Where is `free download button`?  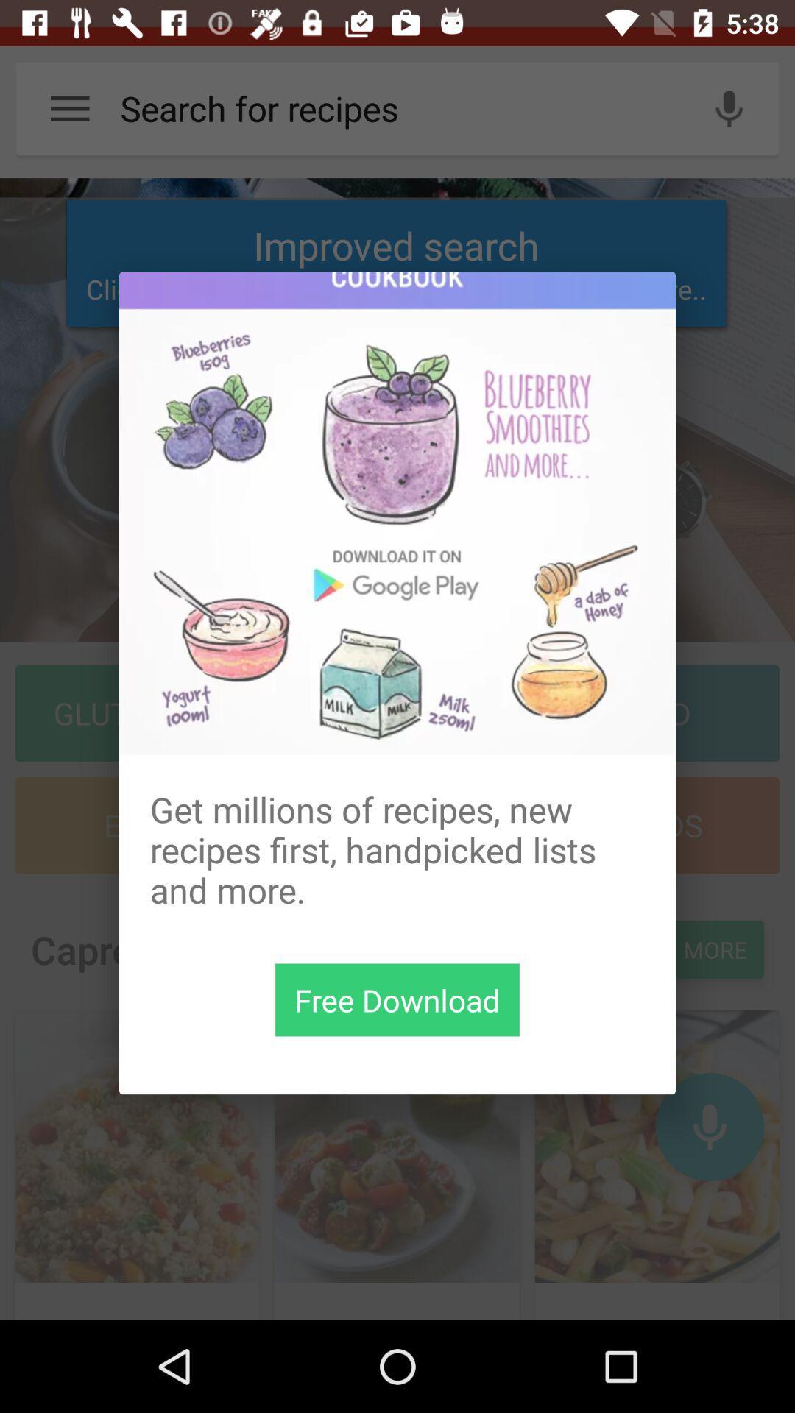 free download button is located at coordinates (397, 999).